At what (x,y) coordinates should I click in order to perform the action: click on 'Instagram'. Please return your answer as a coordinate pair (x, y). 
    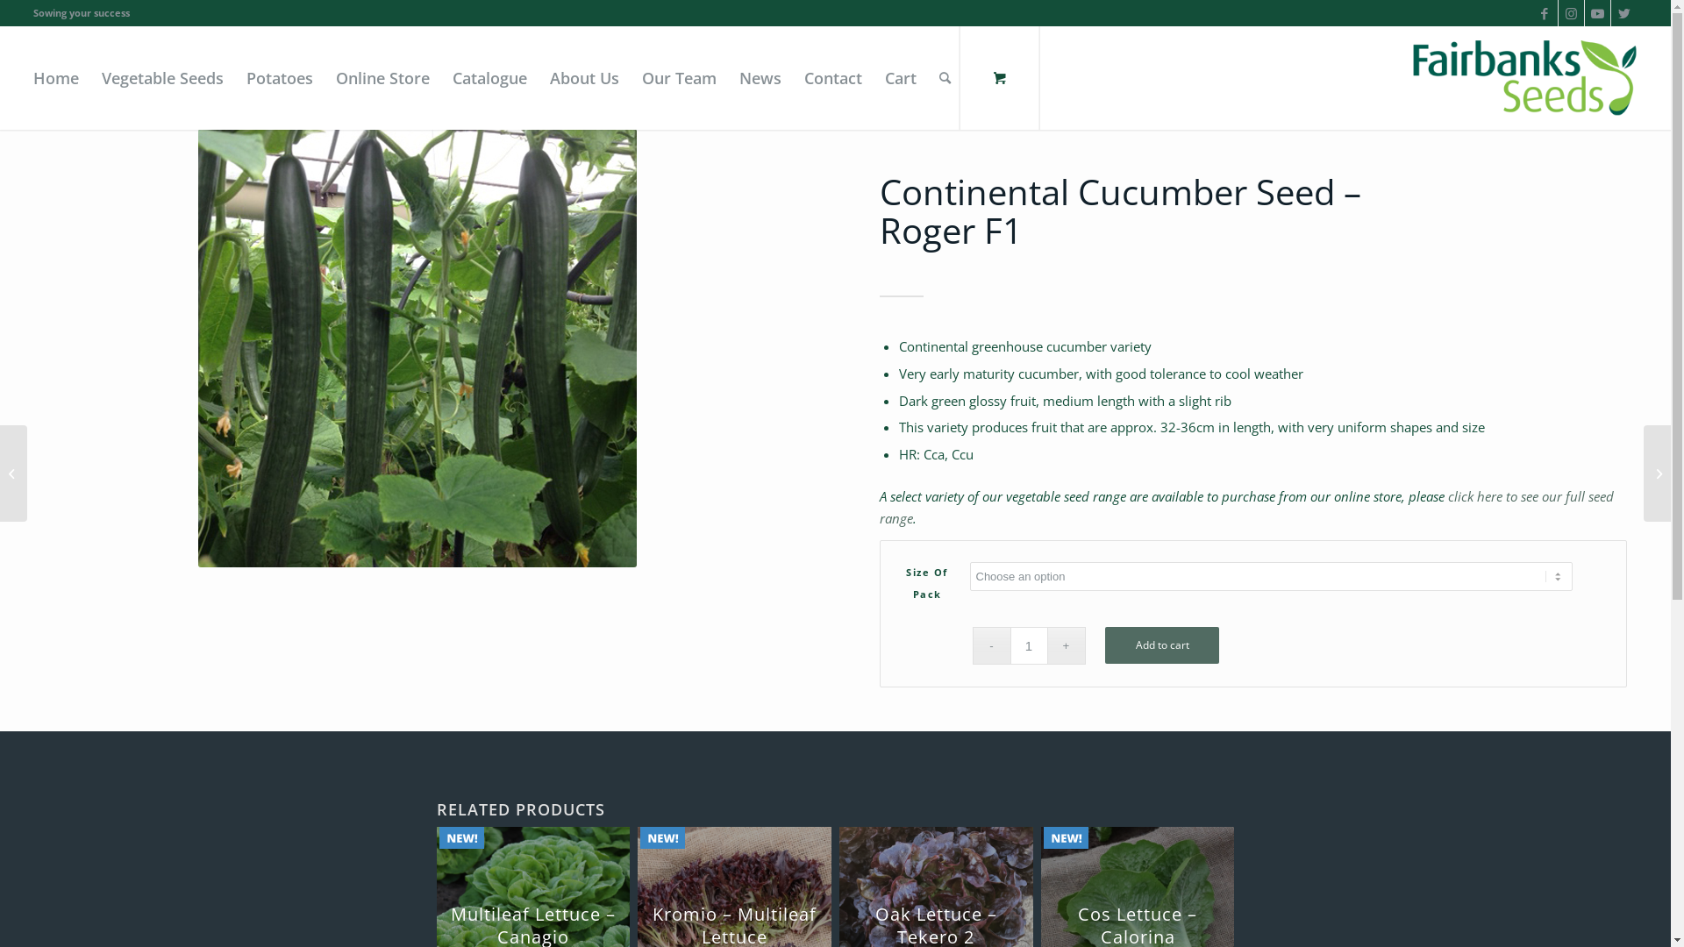
    Looking at the image, I should click on (1571, 13).